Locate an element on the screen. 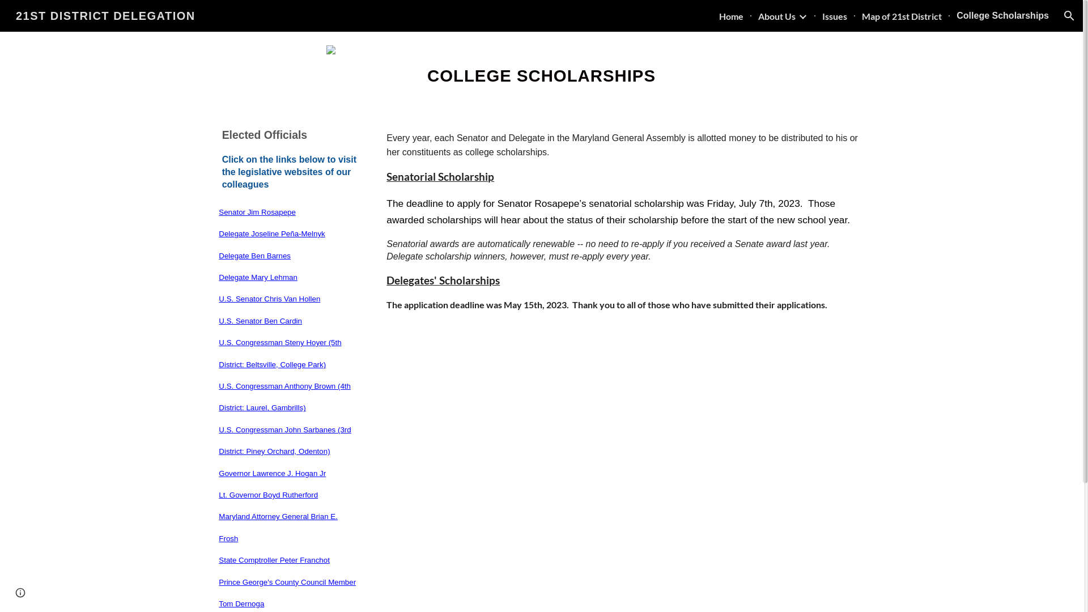 This screenshot has width=1088, height=612. 'Issues' is located at coordinates (822, 15).